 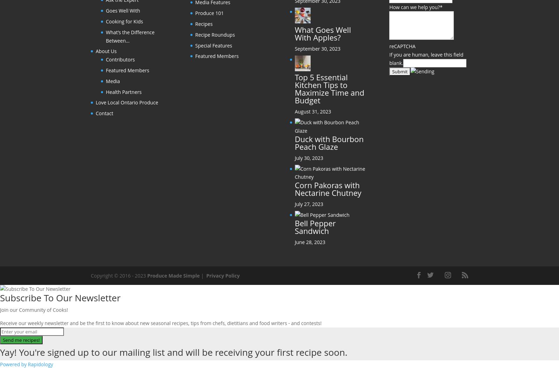 I want to click on 'What’s the Difference Between…', so click(x=130, y=36).